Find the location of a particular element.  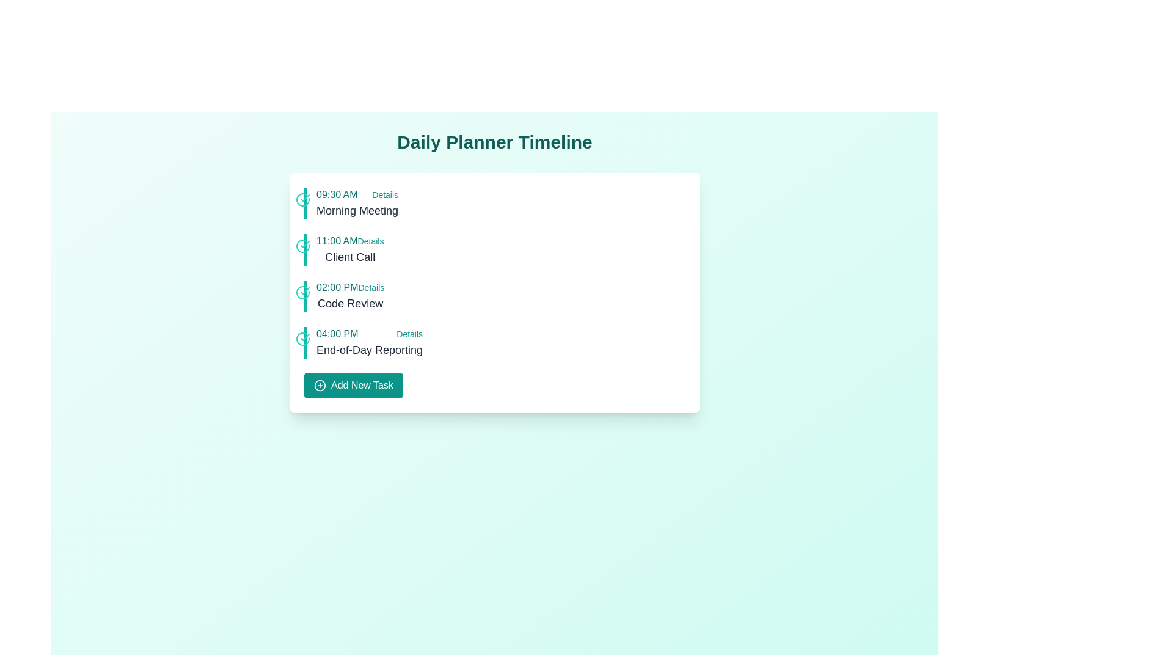

the 'Code Review' text label, which is styled in a large, bold font and dark gray color, located below the '02:00 PM' time in the Daily Planner Timeline interface is located at coordinates (349, 303).